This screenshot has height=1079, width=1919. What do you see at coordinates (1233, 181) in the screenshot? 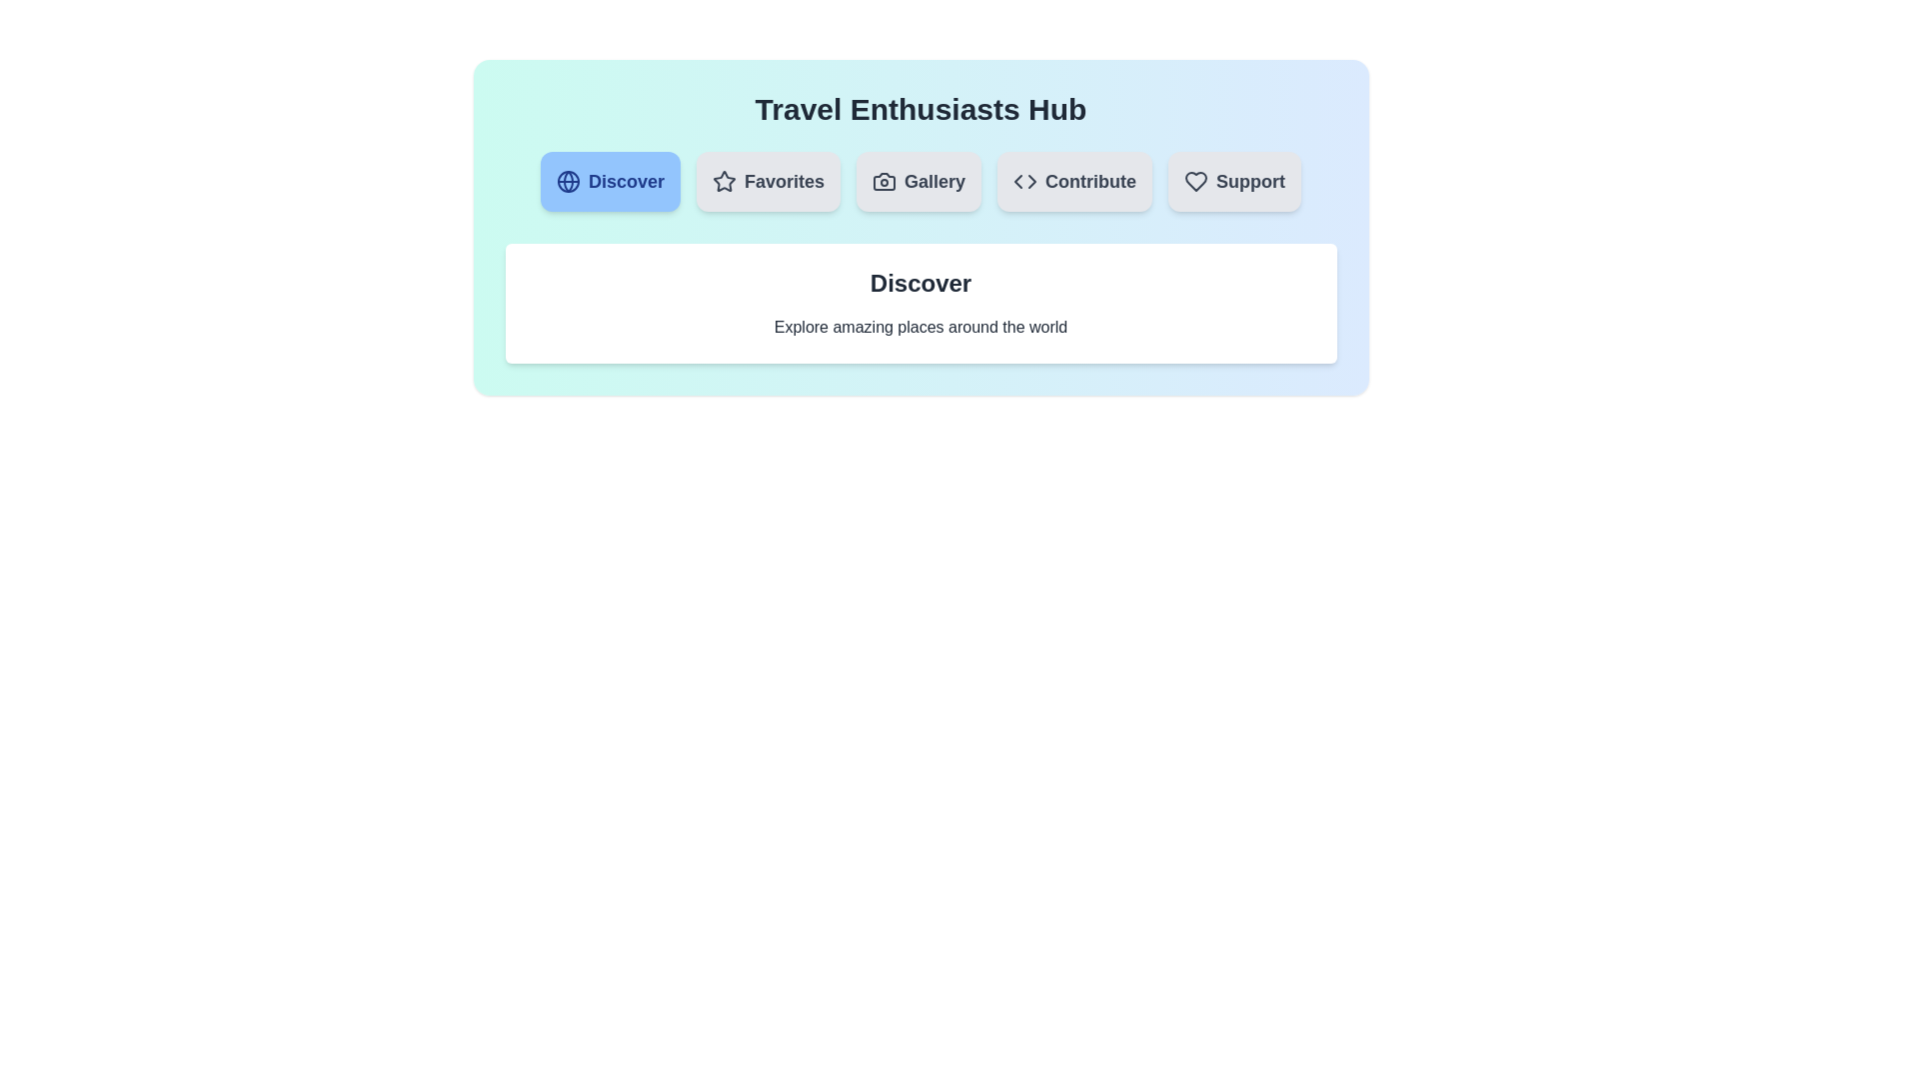
I see `the support button located in the horizontal button group below the heading at the center-top section of the page, which is the fifth button from the left` at bounding box center [1233, 181].